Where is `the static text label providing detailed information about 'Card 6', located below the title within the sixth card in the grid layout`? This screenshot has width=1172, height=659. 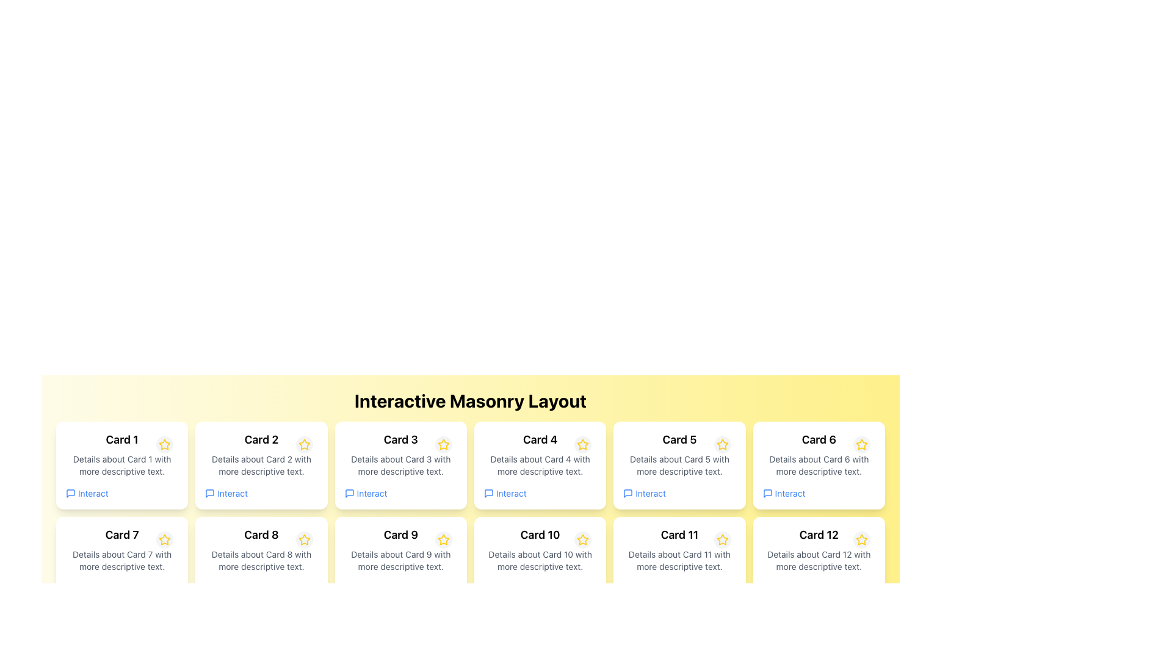
the static text label providing detailed information about 'Card 6', located below the title within the sixth card in the grid layout is located at coordinates (819, 466).